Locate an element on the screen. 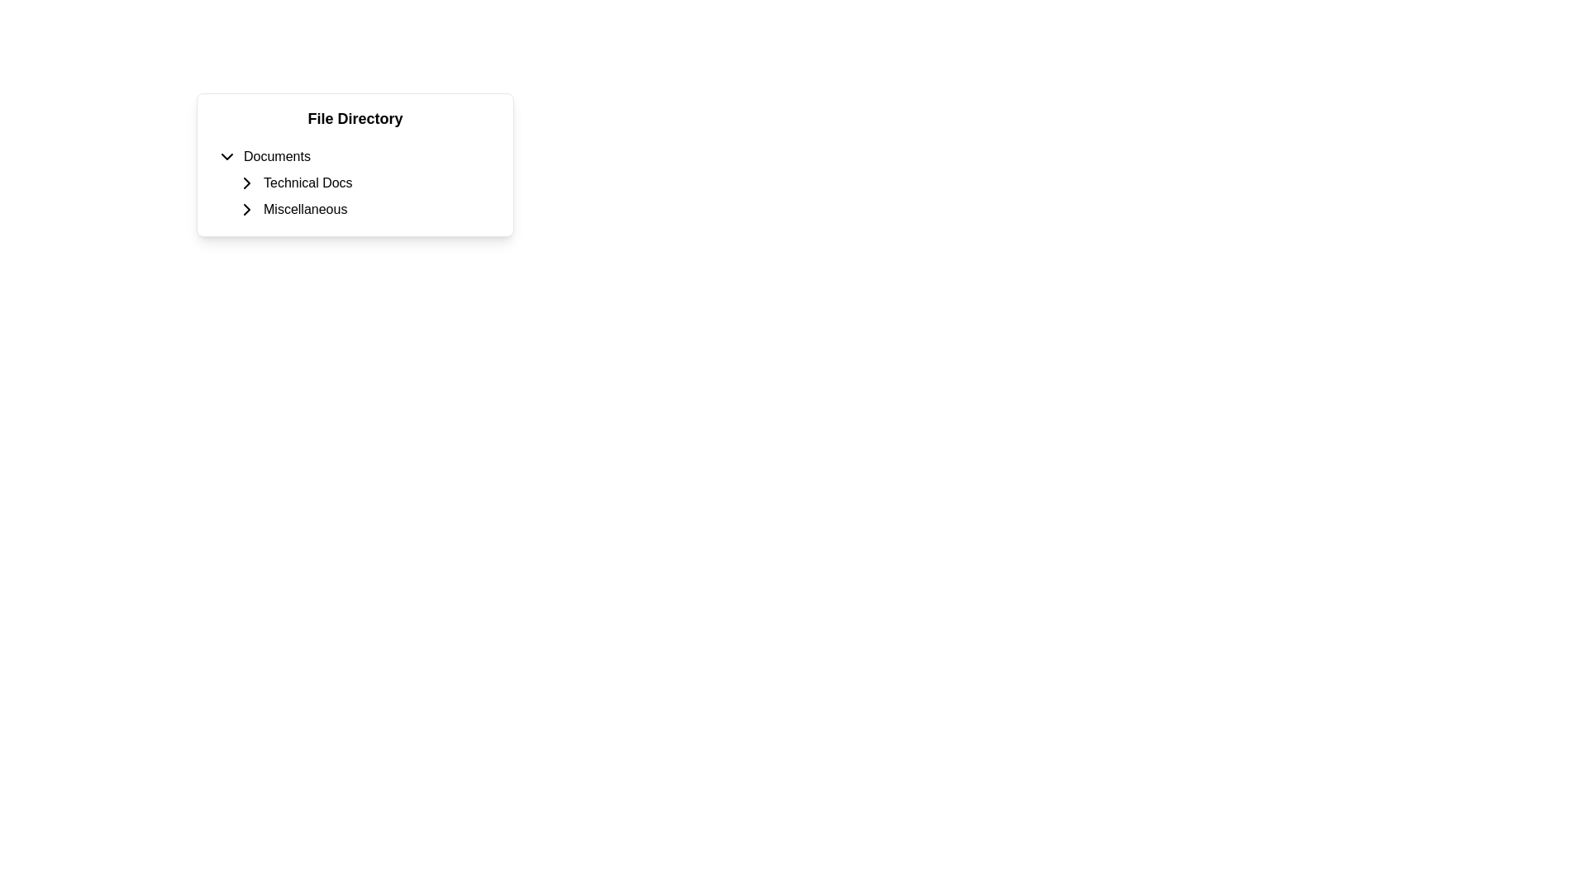 This screenshot has height=892, width=1587. the text label that serves as the heading for the file directory interface, positioned above the 'Documents' item is located at coordinates (355, 117).